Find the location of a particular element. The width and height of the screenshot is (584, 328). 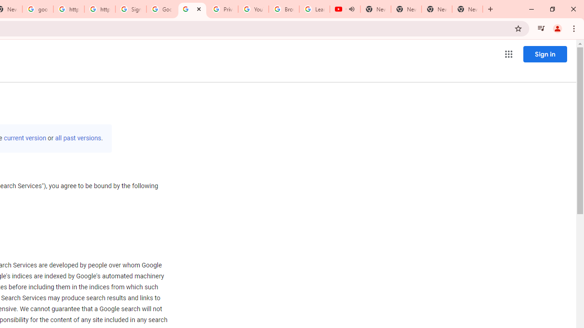

'https://scholar.google.com/' is located at coordinates (68, 9).